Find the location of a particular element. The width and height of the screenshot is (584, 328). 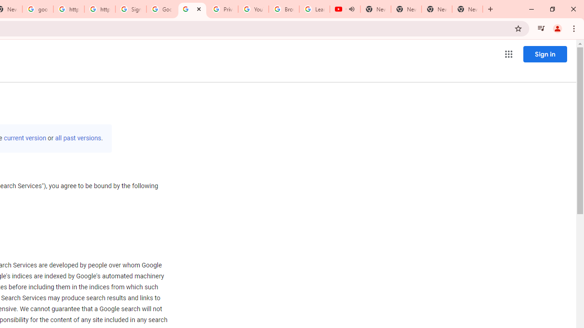

'https://scholar.google.com/' is located at coordinates (68, 9).